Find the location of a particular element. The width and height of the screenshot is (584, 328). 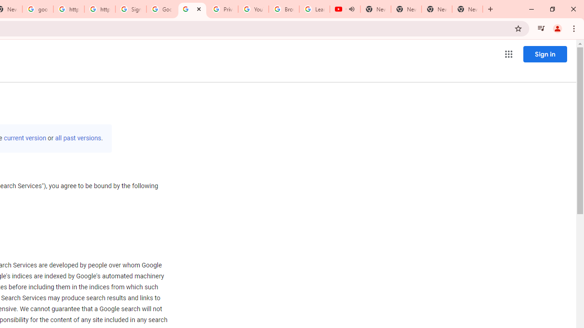

'https://scholar.google.com/' is located at coordinates (68, 9).